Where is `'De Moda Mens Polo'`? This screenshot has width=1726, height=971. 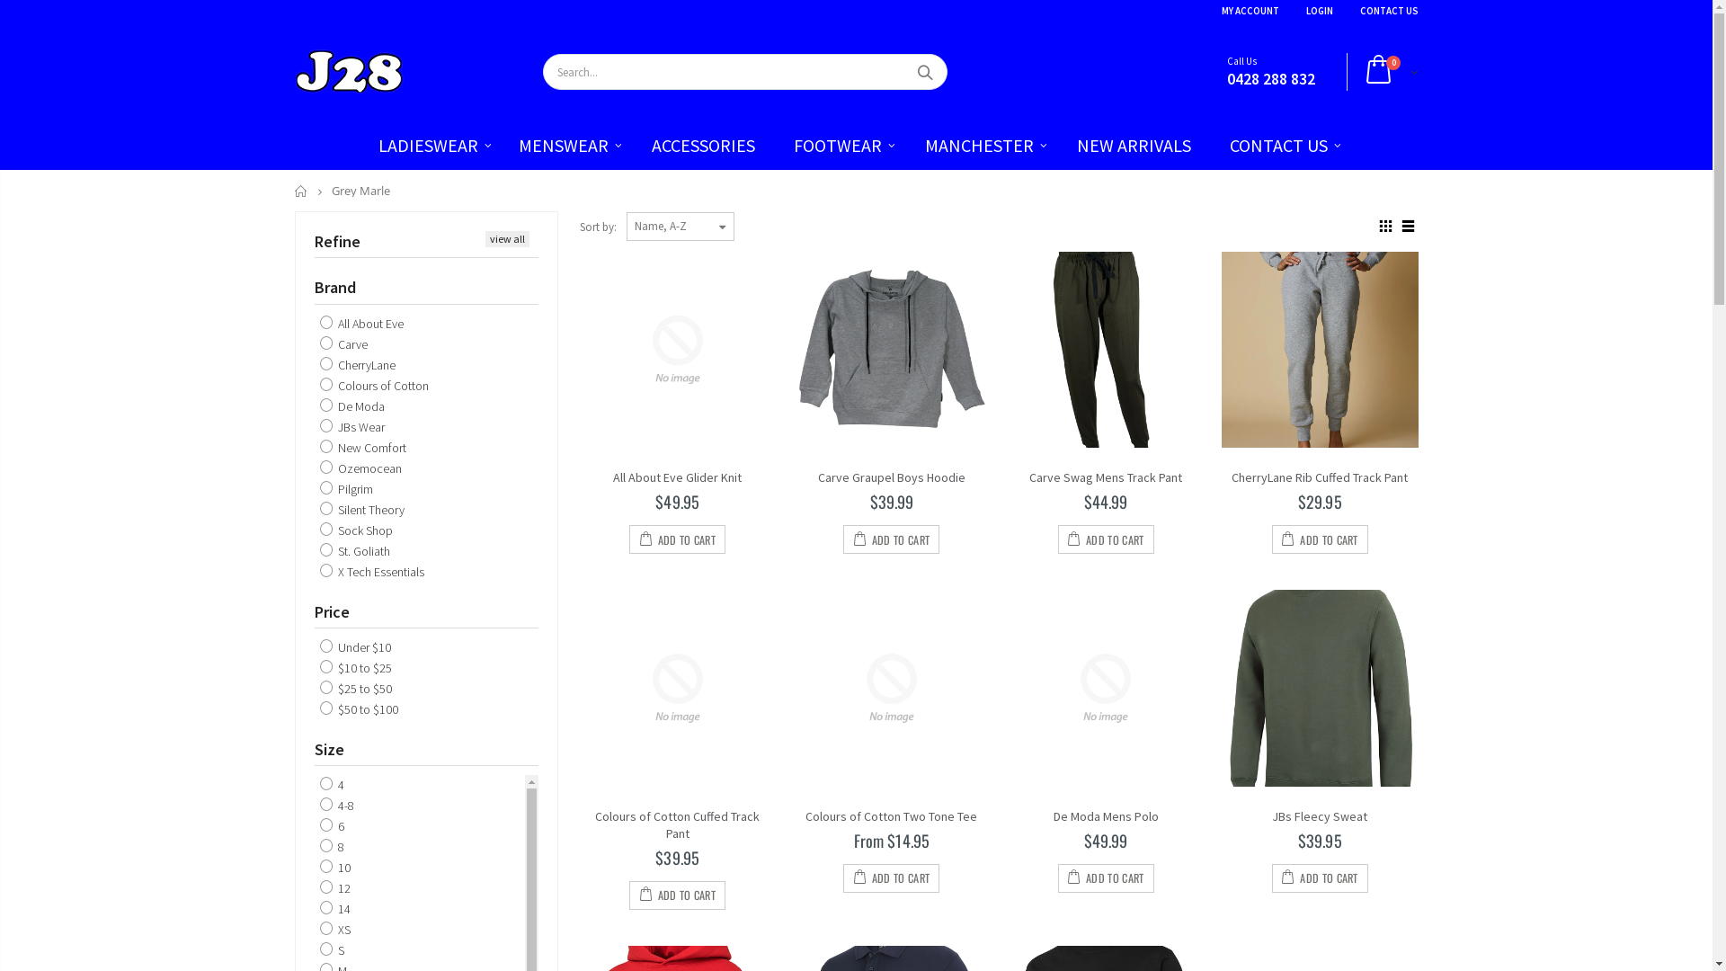 'De Moda Mens Polo' is located at coordinates (1105, 815).